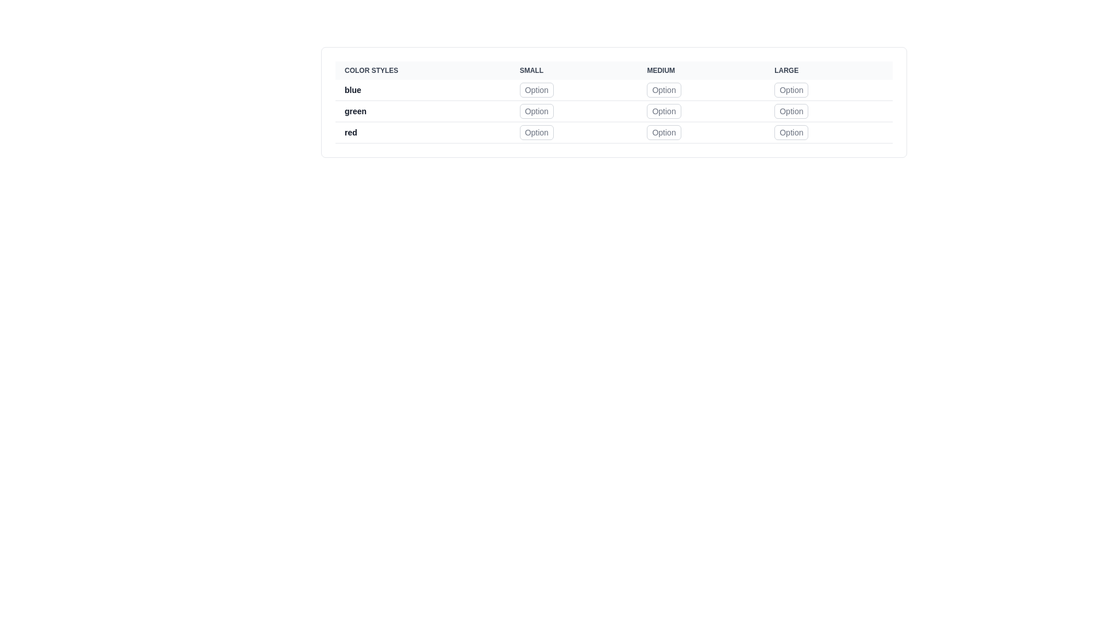 The image size is (1103, 620). What do you see at coordinates (790, 132) in the screenshot?
I see `the button labeled 'Option' with a light red background located in the third row under the 'Large' column` at bounding box center [790, 132].